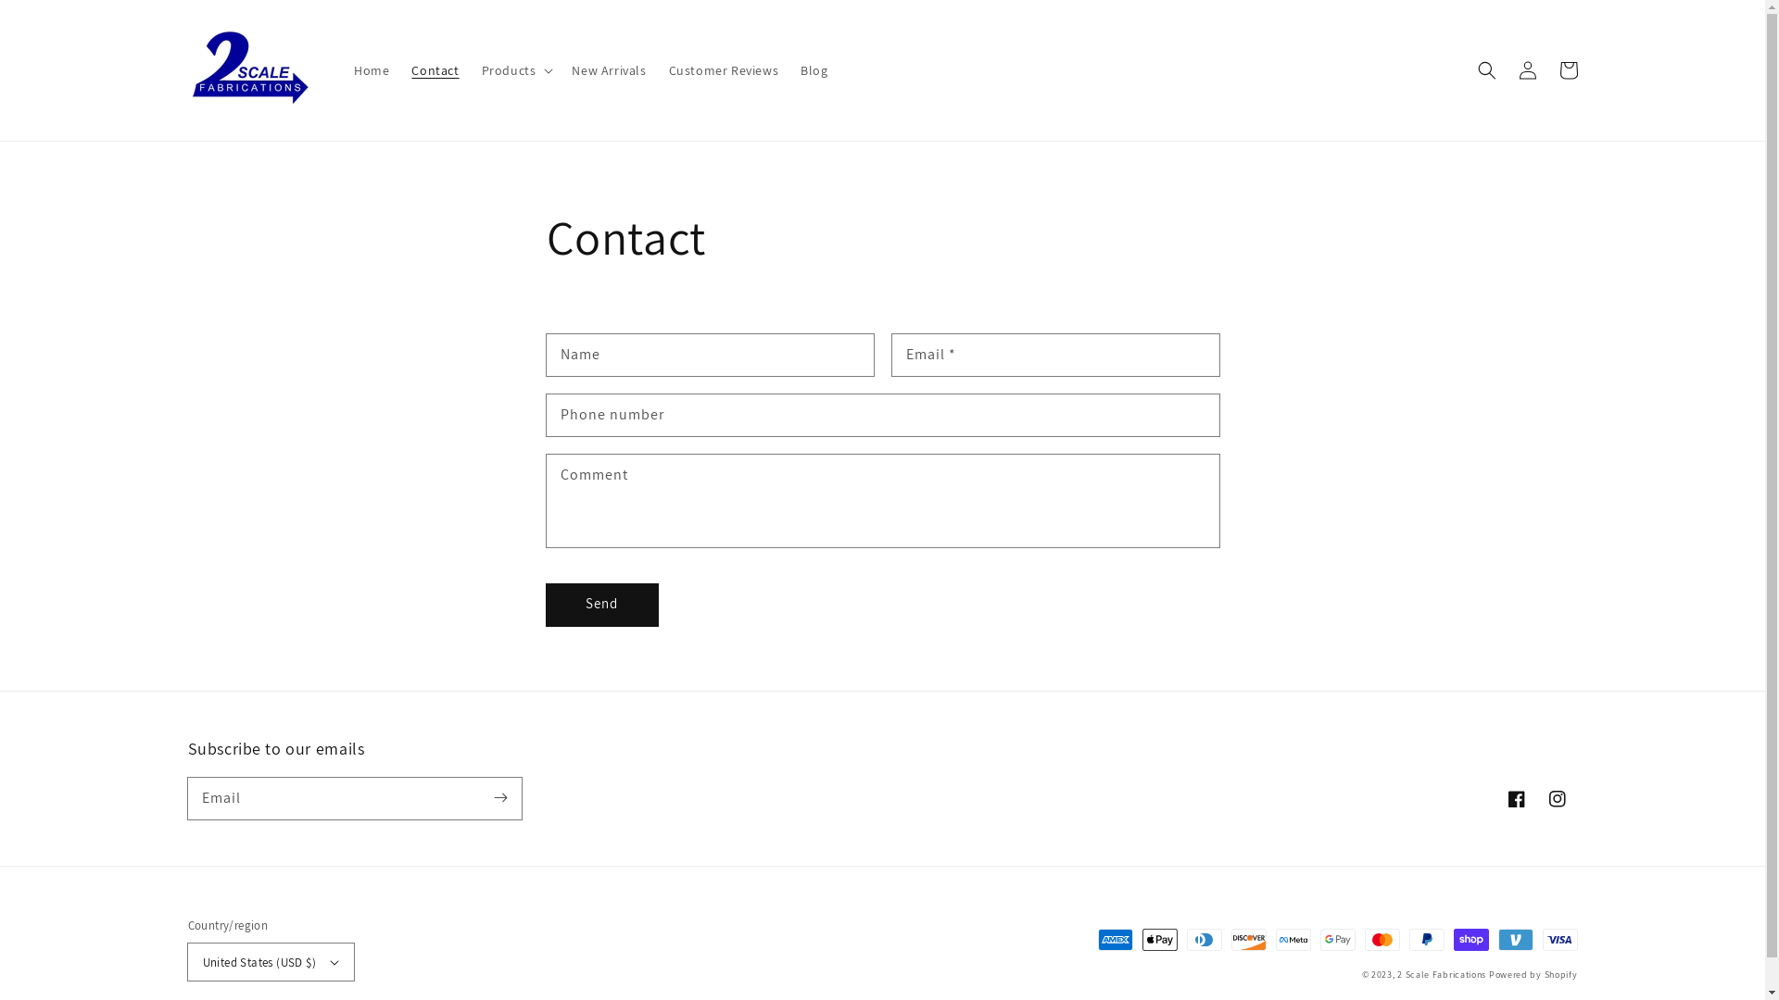 The height and width of the screenshot is (1000, 1779). What do you see at coordinates (609, 69) in the screenshot?
I see `'New Arrivals'` at bounding box center [609, 69].